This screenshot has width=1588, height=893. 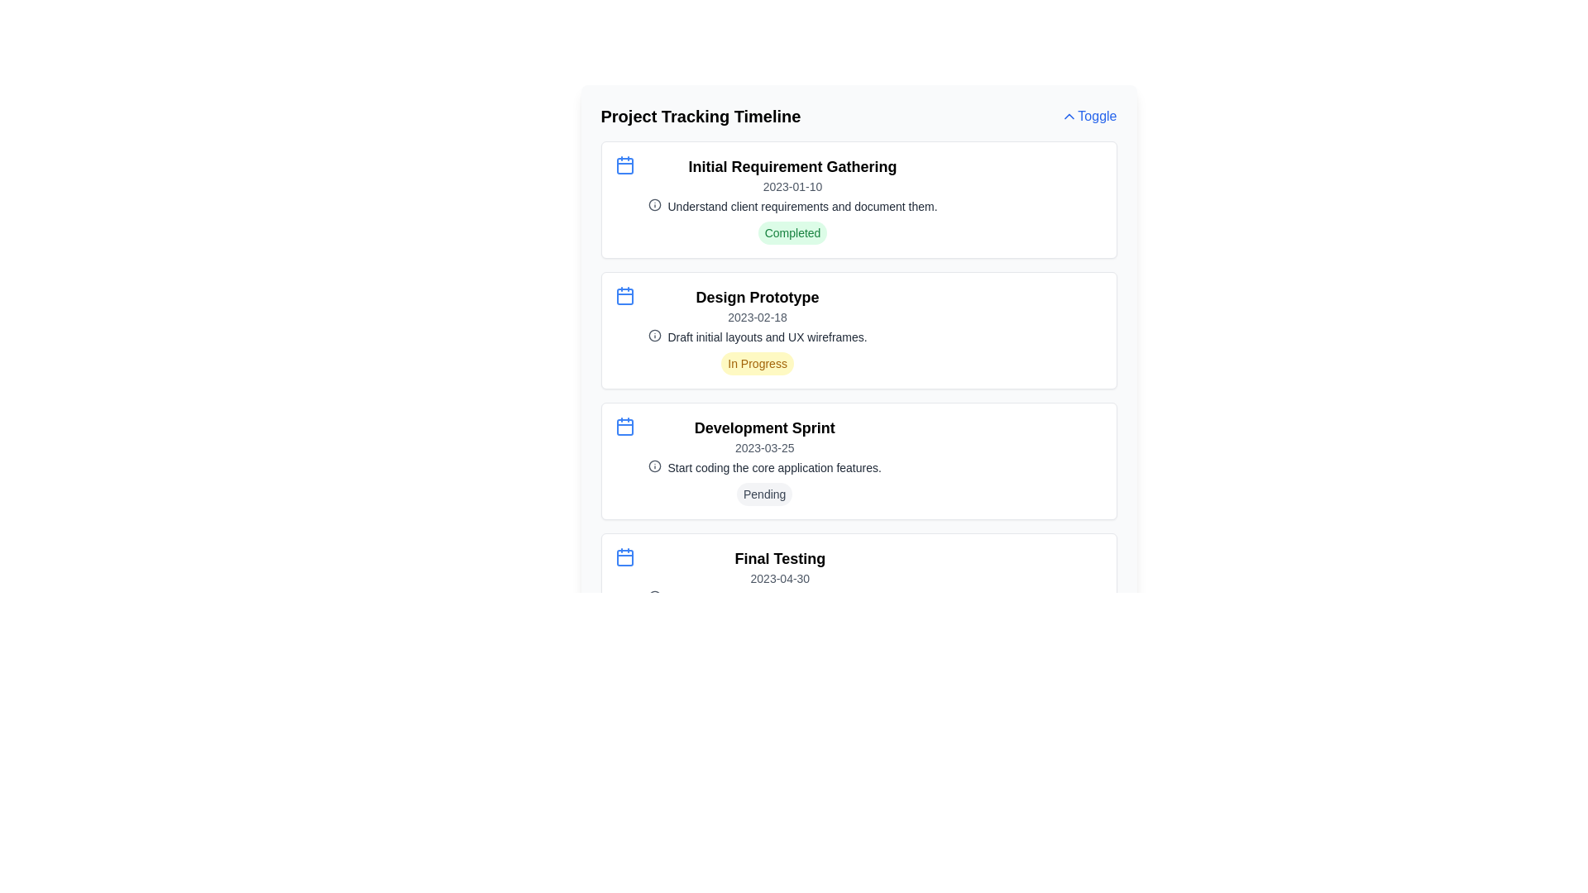 What do you see at coordinates (653, 203) in the screenshot?
I see `the informational icon located to the left of the descriptive text in the 'Initial Requirement Gathering' timeline item, if it is interactive` at bounding box center [653, 203].